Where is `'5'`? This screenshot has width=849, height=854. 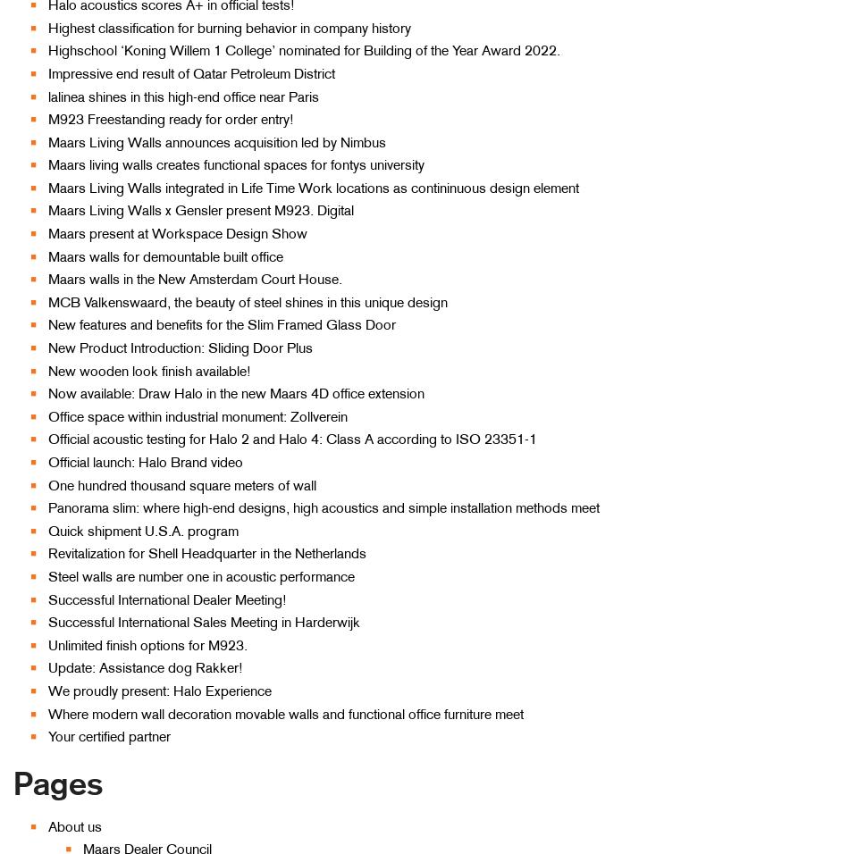
'5' is located at coordinates (652, 726).